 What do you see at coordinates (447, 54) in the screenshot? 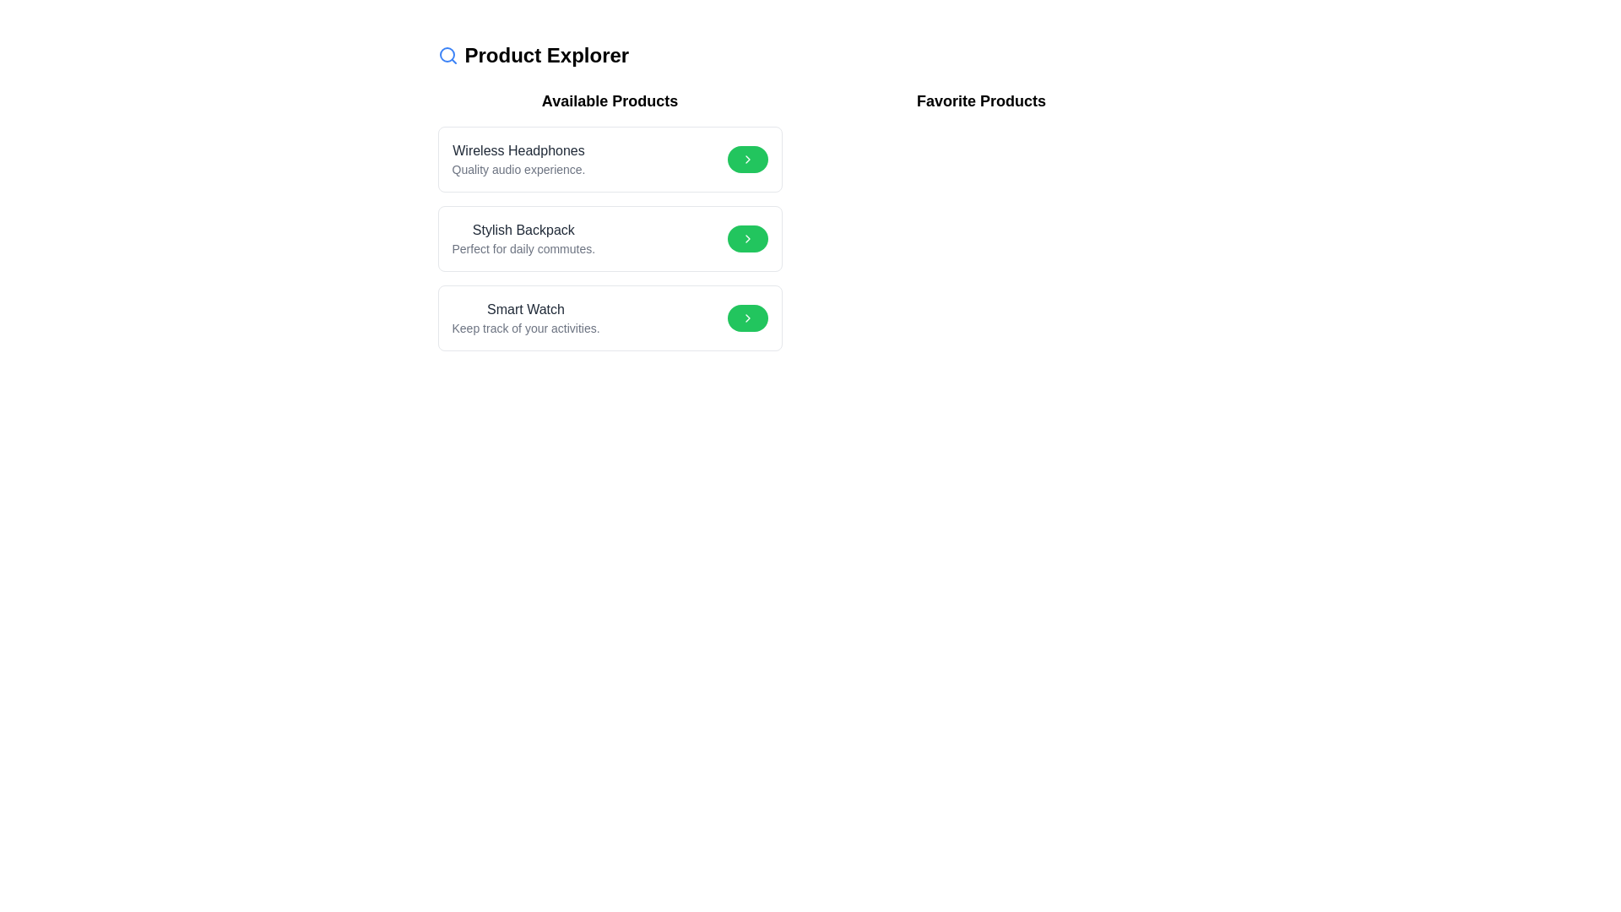
I see `the decorative circle representing the lens of the magnifier icon, located near the top-left corner of the interface next to the 'Product Explorer' title` at bounding box center [447, 54].